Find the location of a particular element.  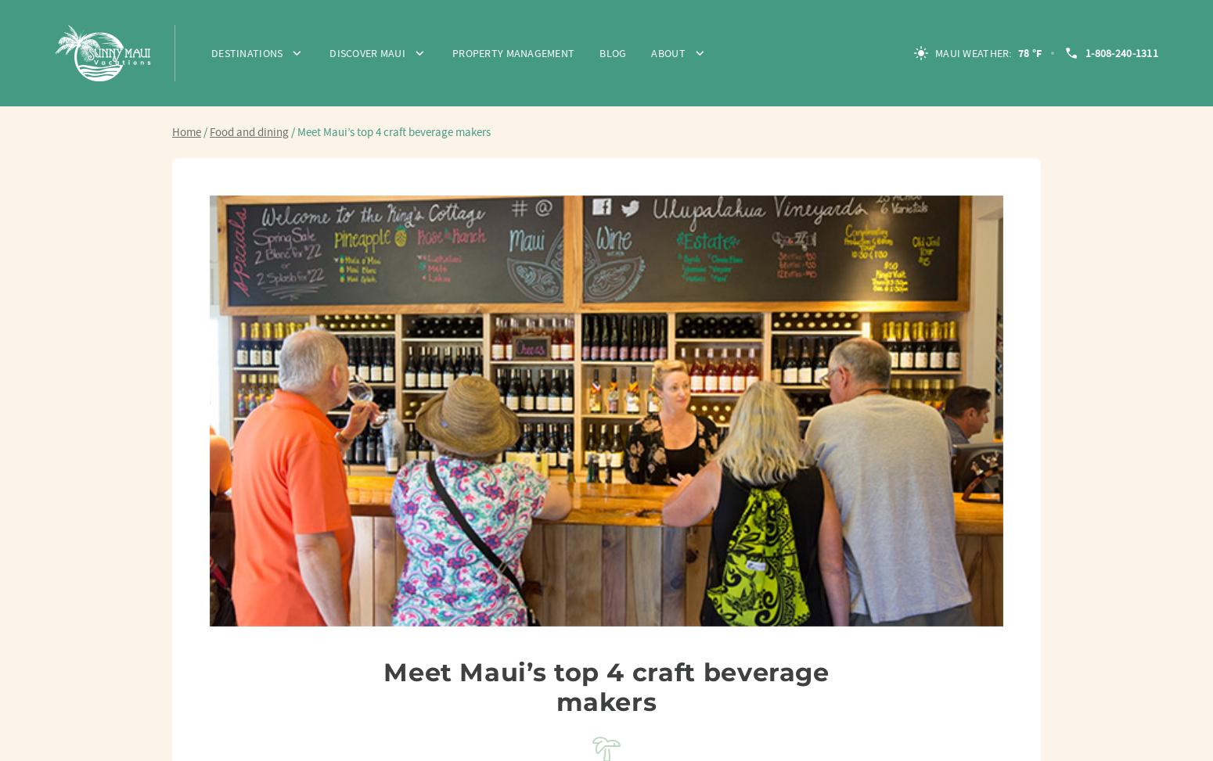

'78 °F' is located at coordinates (1028, 52).